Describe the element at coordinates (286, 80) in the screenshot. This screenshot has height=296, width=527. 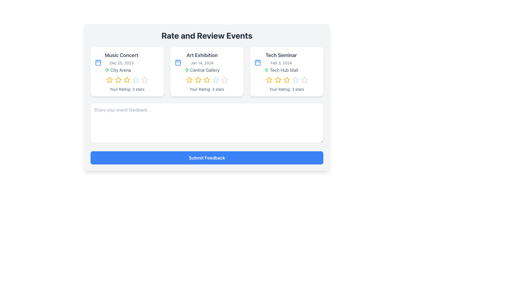
I see `the Rating component consisting of a row of five star icons, where three stars are colored yellow indicating an active rating, located at the bottom of the 'Tech Seminar' card` at that location.